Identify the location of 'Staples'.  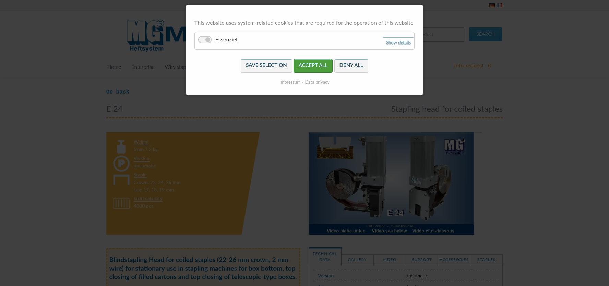
(486, 259).